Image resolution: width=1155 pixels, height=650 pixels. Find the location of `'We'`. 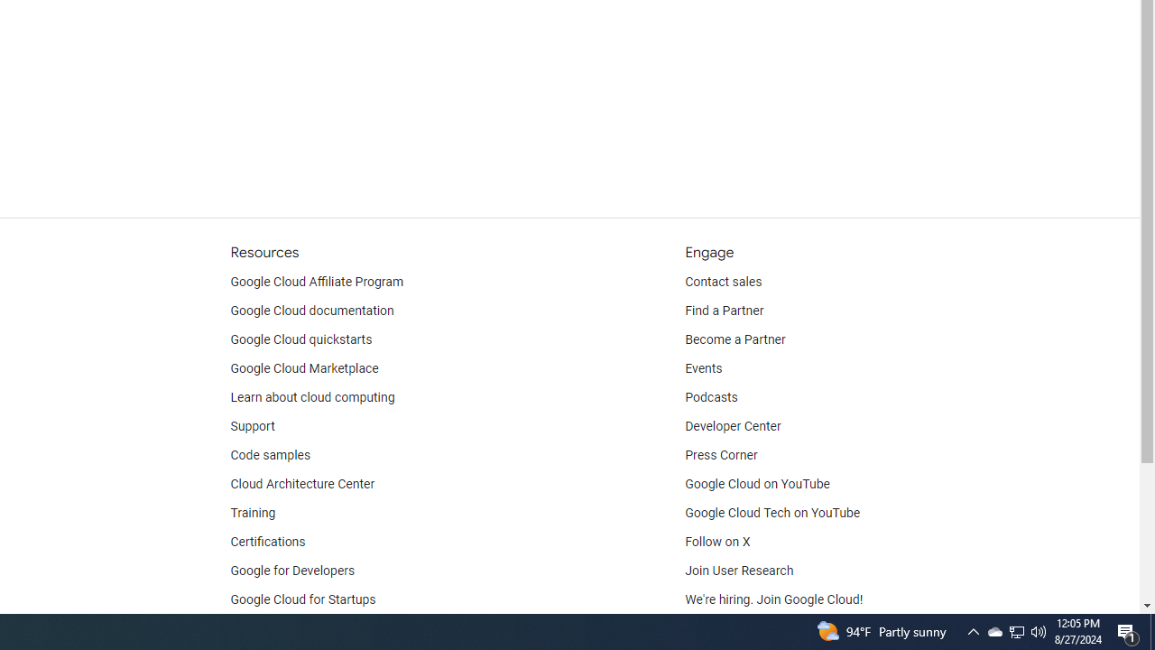

'We' is located at coordinates (774, 599).